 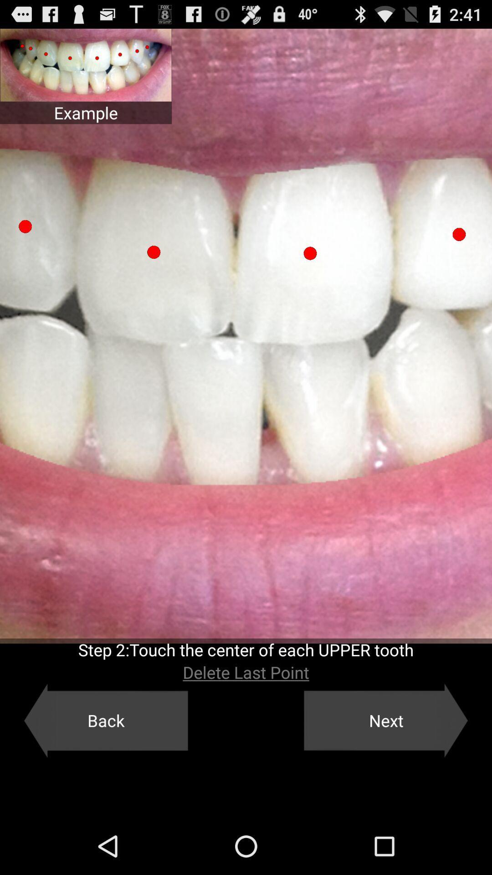 I want to click on icon below the delete last point, so click(x=105, y=720).